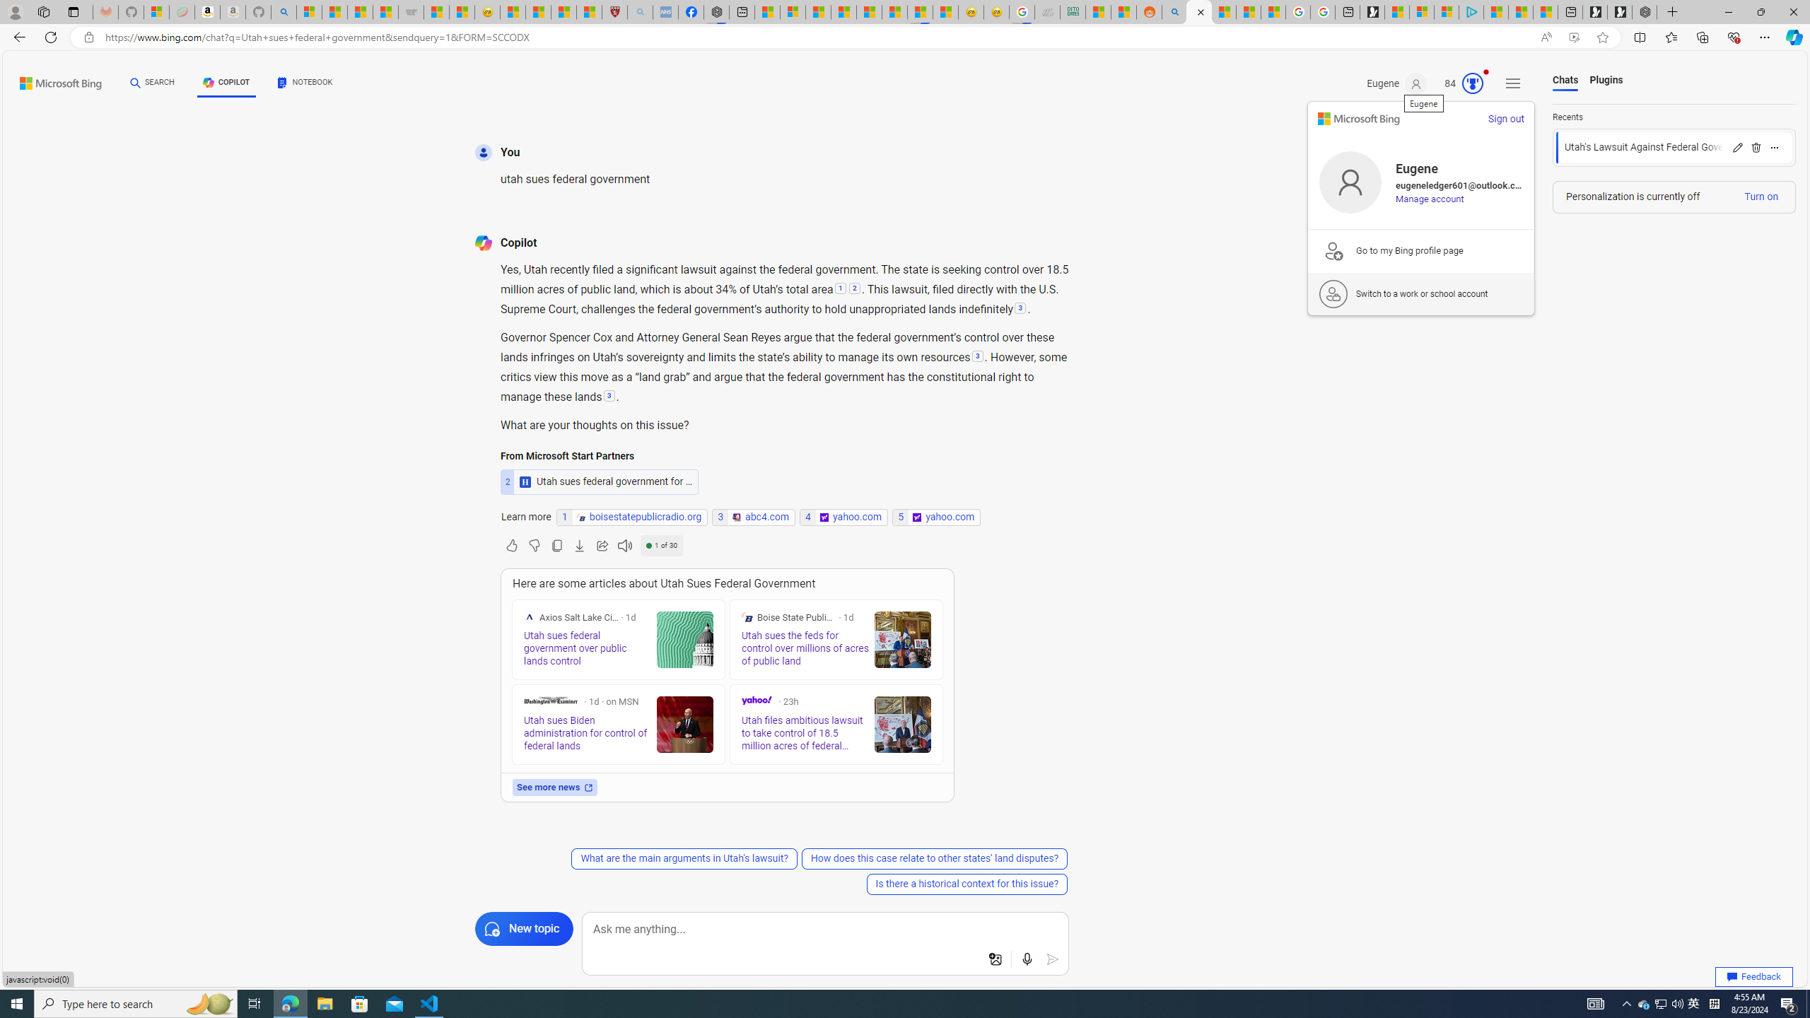 This screenshot has width=1810, height=1018. I want to click on 'Back to Bing search', so click(52, 79).